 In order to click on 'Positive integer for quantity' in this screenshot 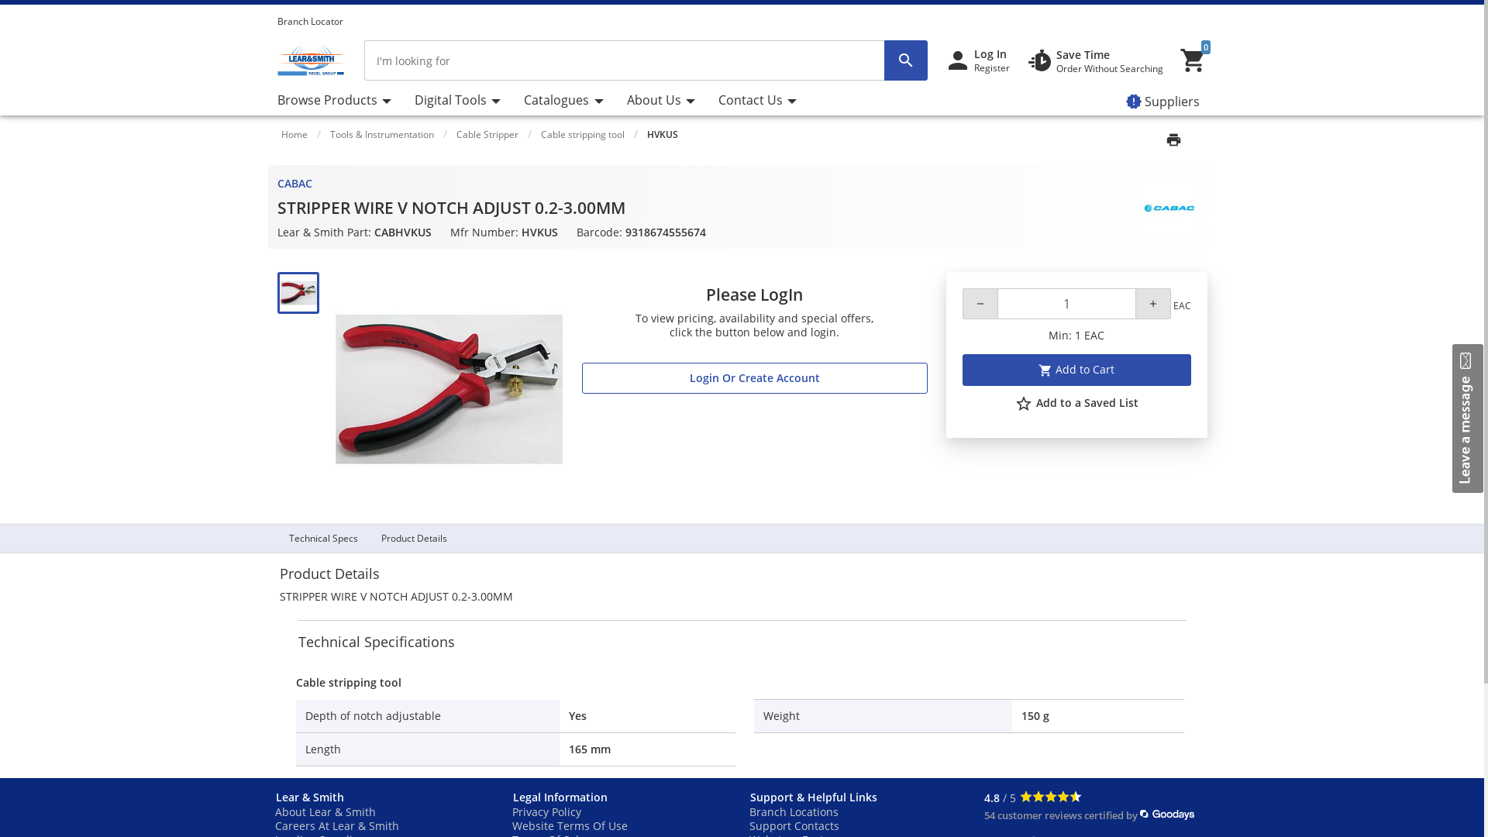, I will do `click(1066, 304)`.